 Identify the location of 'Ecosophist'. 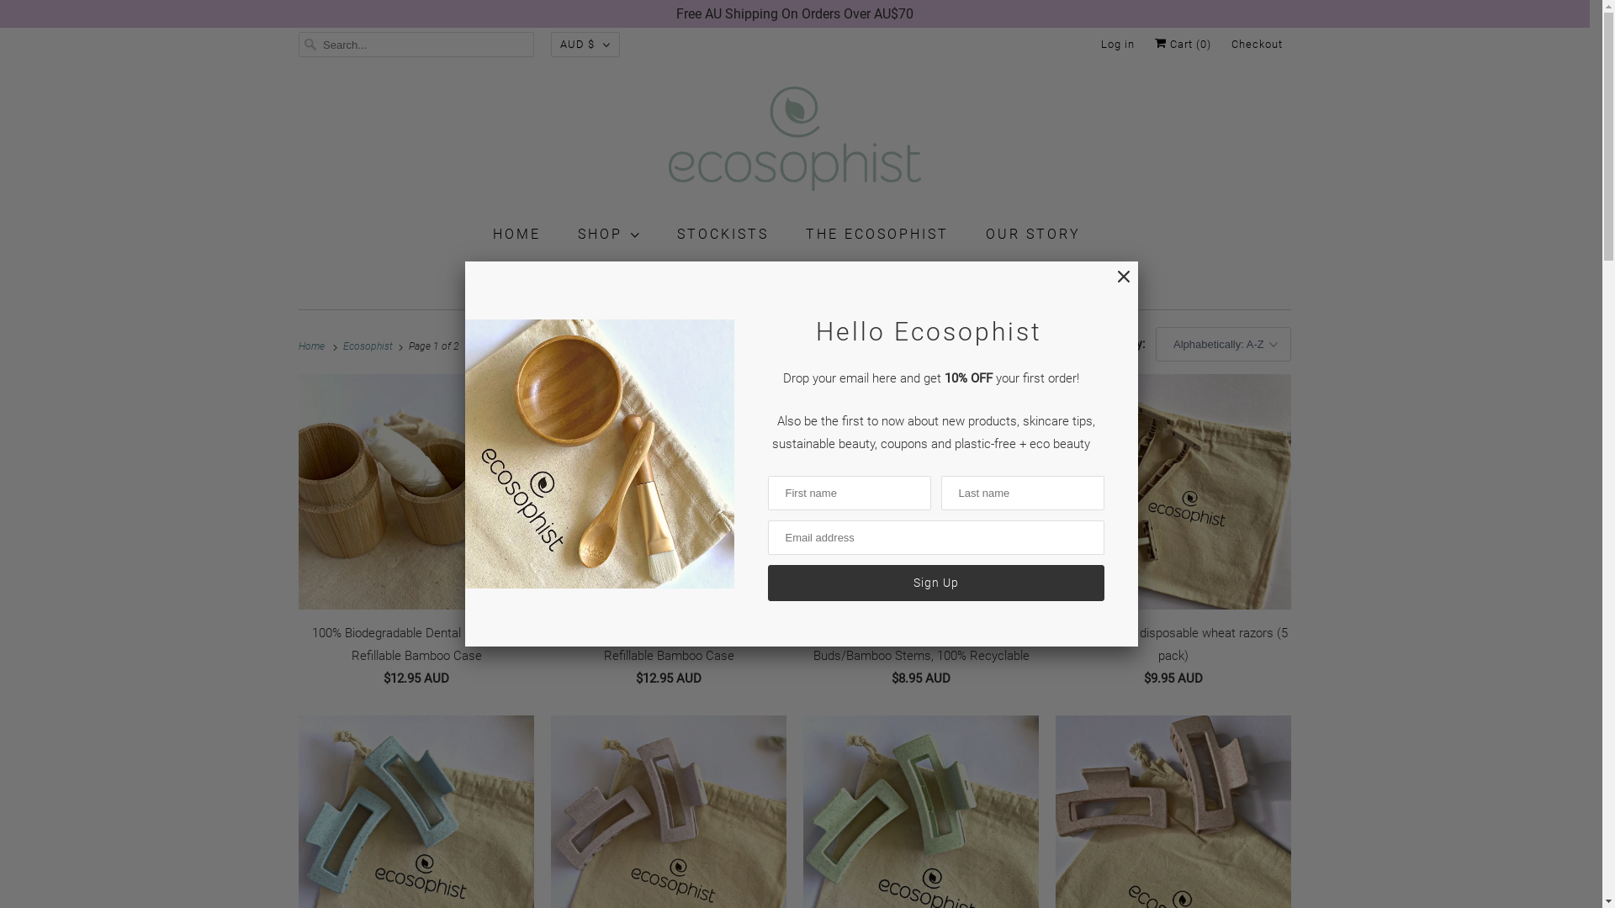
(794, 141).